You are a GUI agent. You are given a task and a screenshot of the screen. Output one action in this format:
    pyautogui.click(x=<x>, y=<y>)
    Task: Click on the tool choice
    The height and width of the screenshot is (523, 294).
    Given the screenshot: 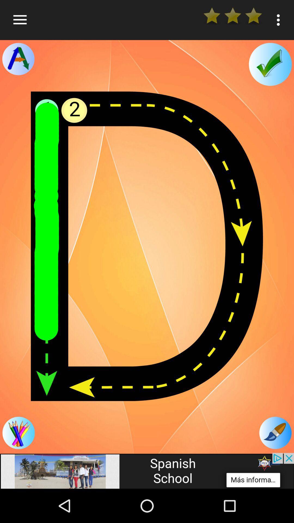 What is the action you would take?
    pyautogui.click(x=18, y=59)
    